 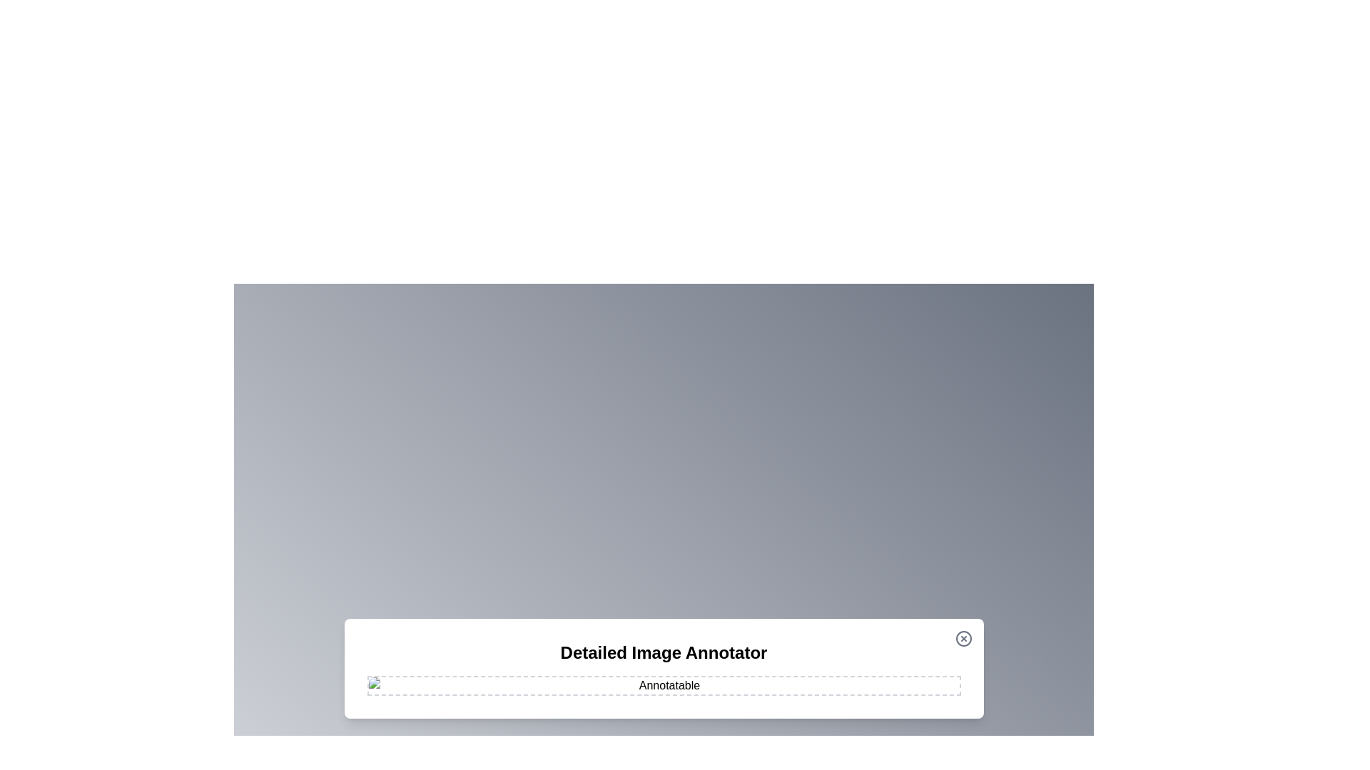 I want to click on the image at coordinates (613, 962) to add an annotation, so click(x=437, y=684).